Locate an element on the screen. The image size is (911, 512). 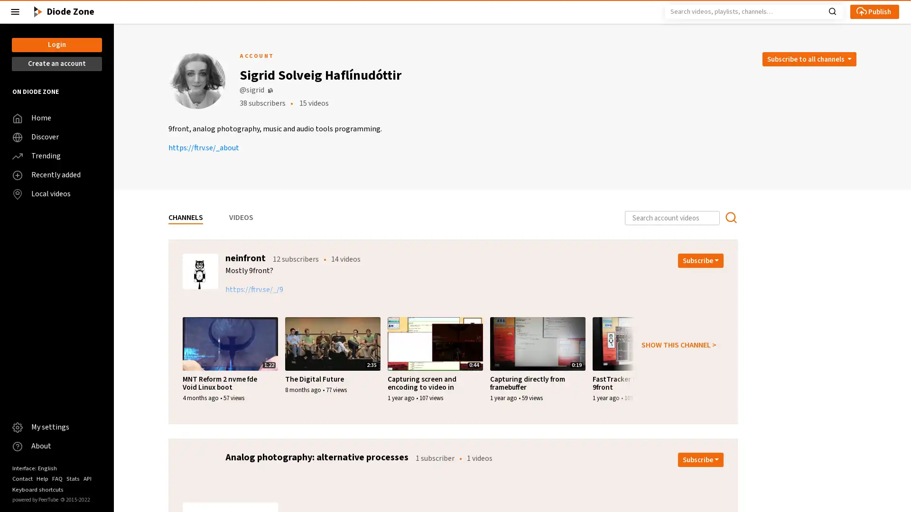
Open subscription dropdown is located at coordinates (701, 459).